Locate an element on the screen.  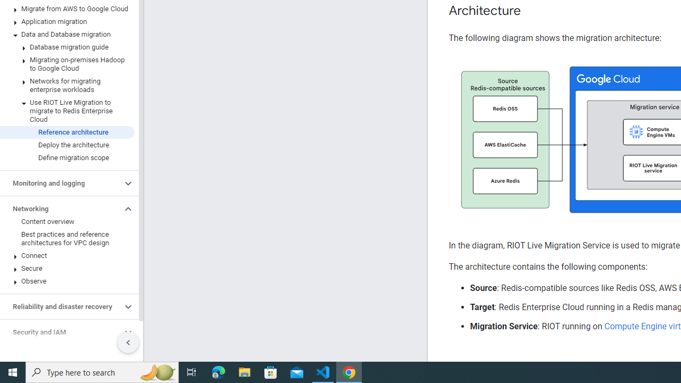
'Networking' is located at coordinates (60, 209).